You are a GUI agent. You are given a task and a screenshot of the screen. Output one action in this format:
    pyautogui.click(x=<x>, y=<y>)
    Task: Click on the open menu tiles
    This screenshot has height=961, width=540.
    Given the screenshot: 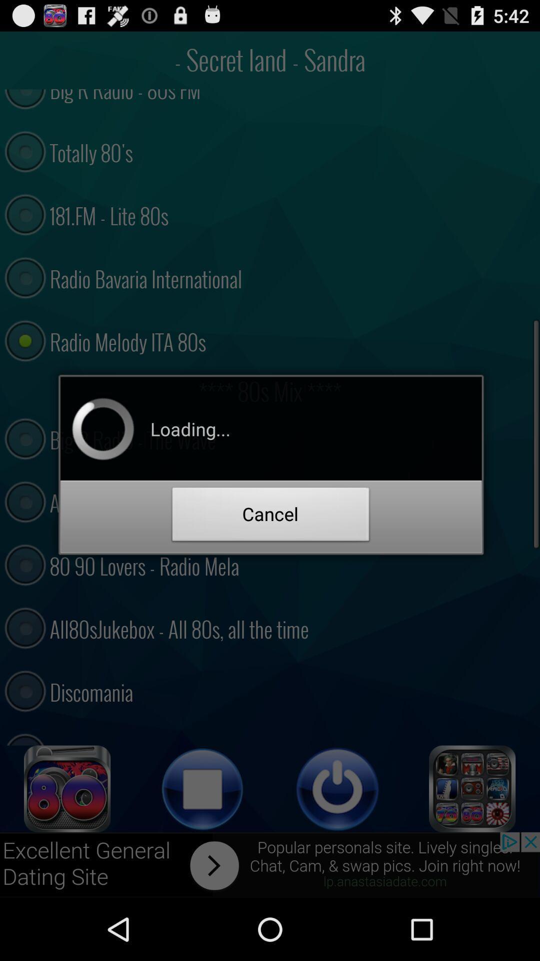 What is the action you would take?
    pyautogui.click(x=472, y=788)
    